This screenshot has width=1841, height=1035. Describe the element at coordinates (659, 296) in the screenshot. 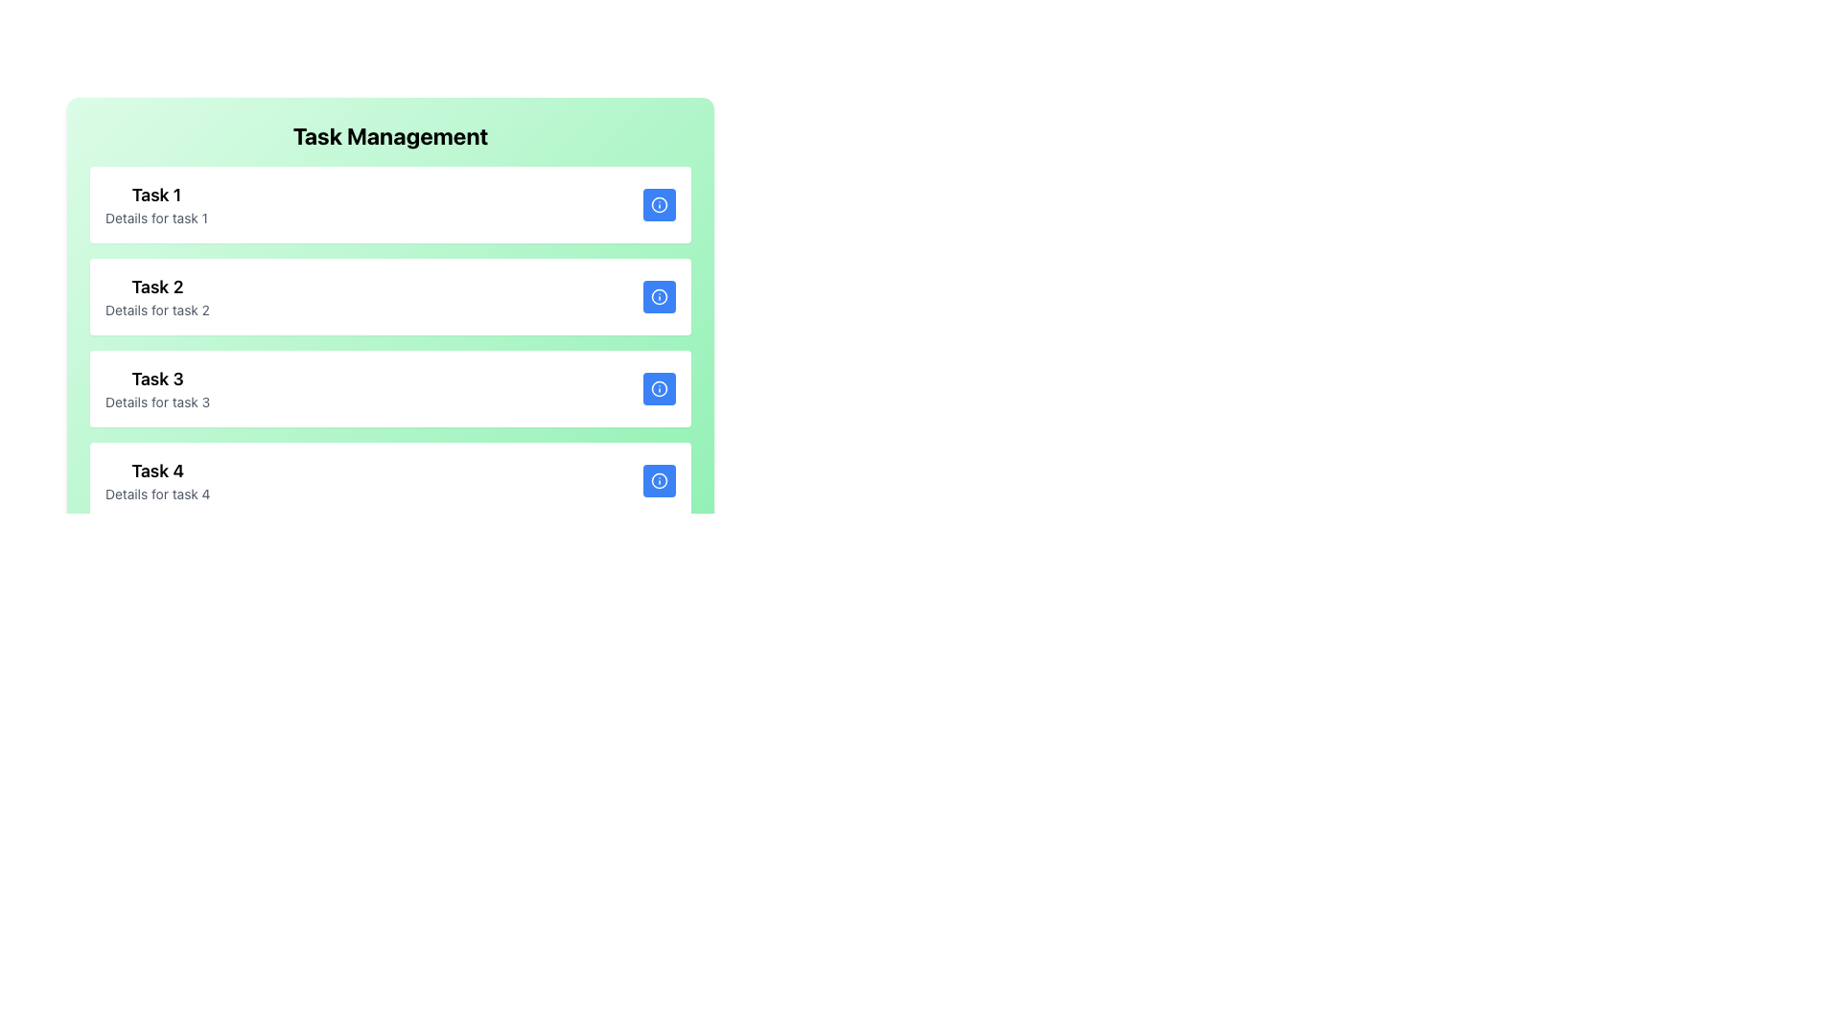

I see `the blue button with white text associated with 'Task 2' to observe its hover effect` at that location.